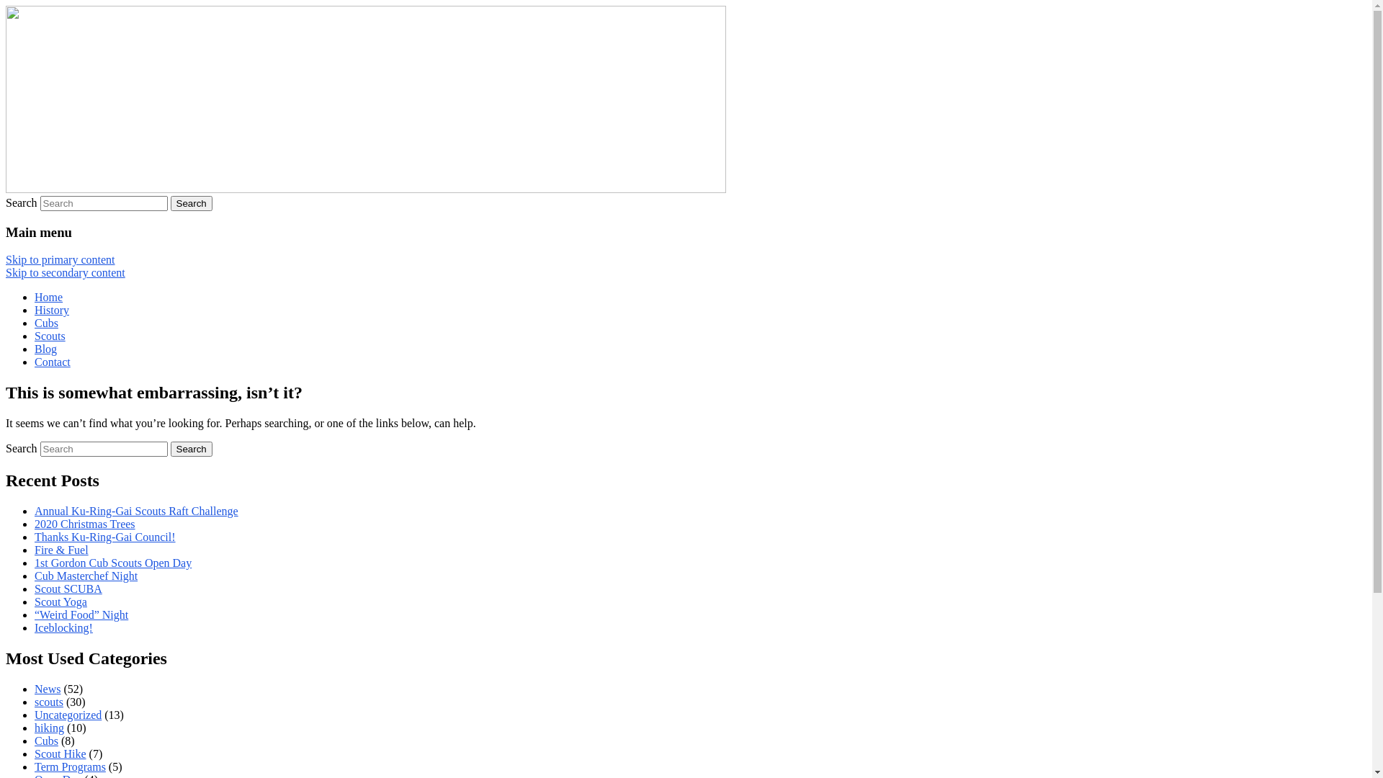 This screenshot has width=1383, height=778. I want to click on 'Contact', so click(52, 361).